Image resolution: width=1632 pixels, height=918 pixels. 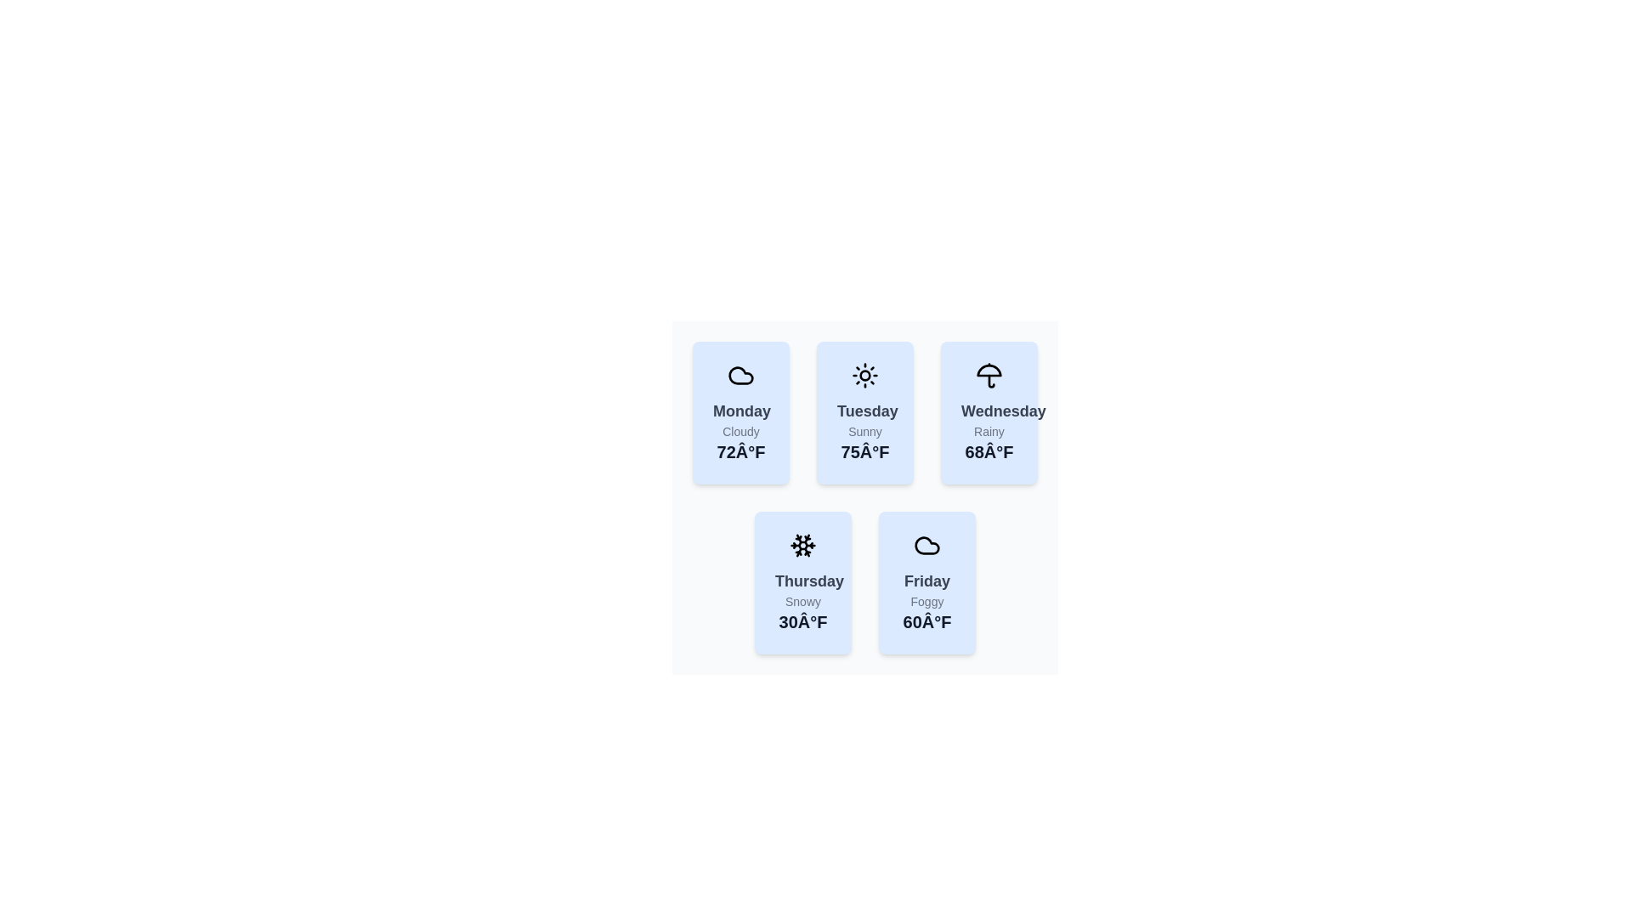 What do you see at coordinates (864, 413) in the screenshot?
I see `weather information from the informational card with a light blue background, displaying 'Tuesday', 'Sunny', and '75°F' in the second column of the first row of the grid` at bounding box center [864, 413].